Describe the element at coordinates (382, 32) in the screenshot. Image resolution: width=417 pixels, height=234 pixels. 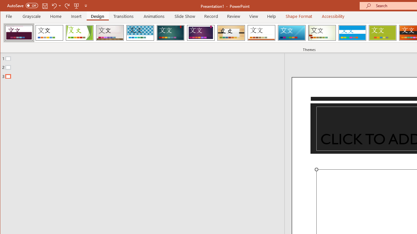
I see `'Basis'` at that location.